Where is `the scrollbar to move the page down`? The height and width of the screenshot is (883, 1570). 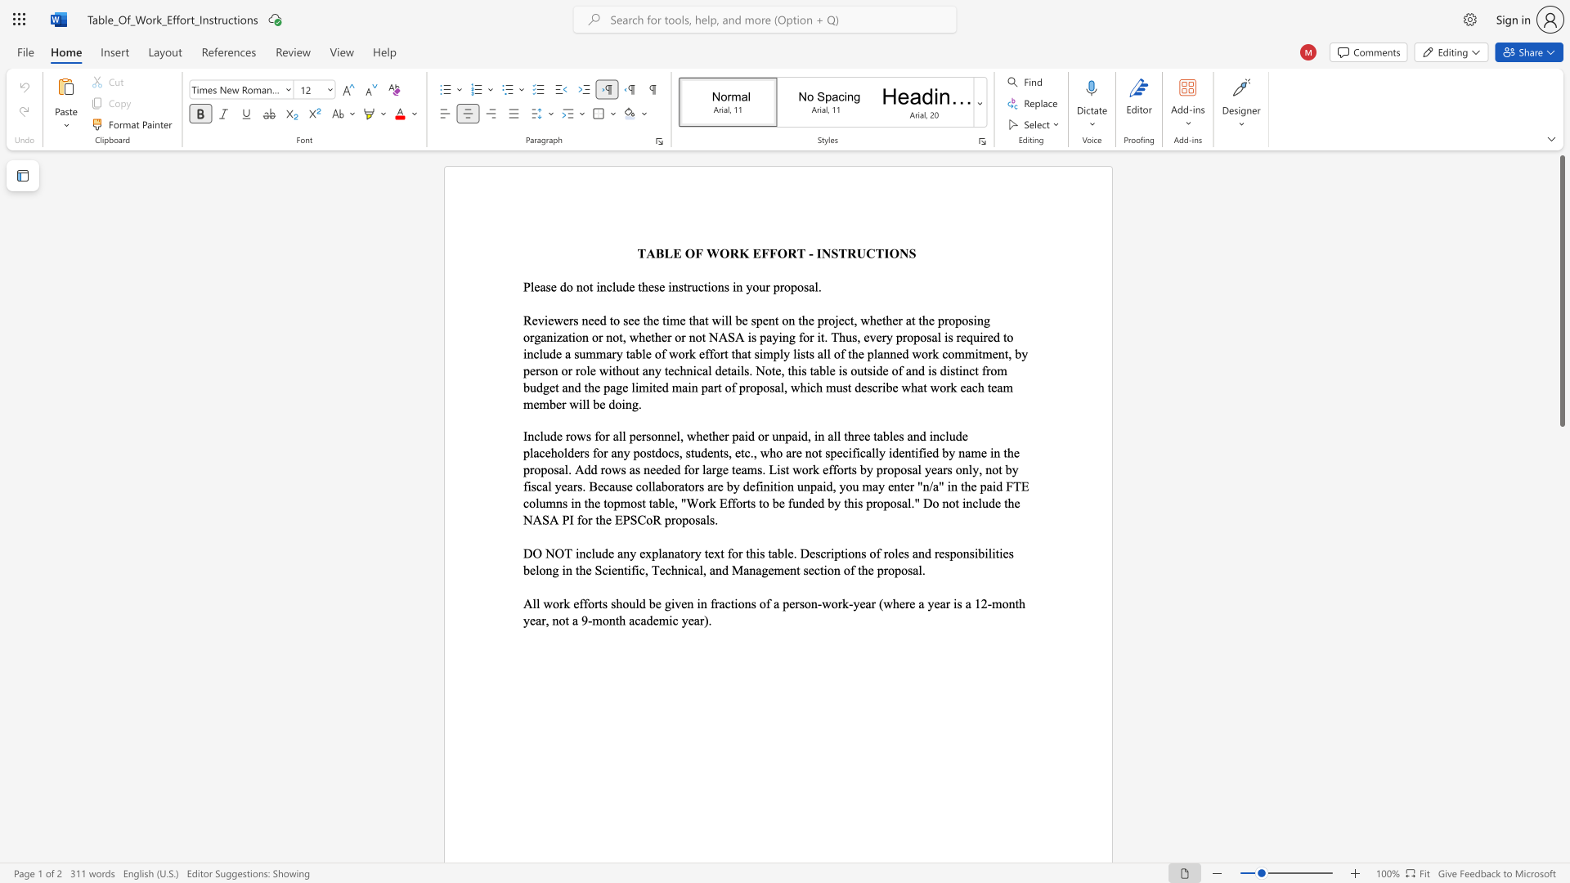 the scrollbar to move the page down is located at coordinates (1561, 833).